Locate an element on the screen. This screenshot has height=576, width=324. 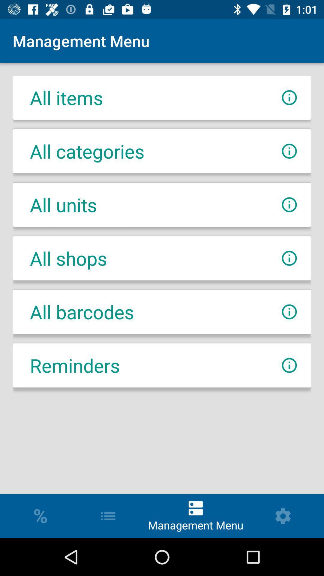
question option is located at coordinates (289, 205).